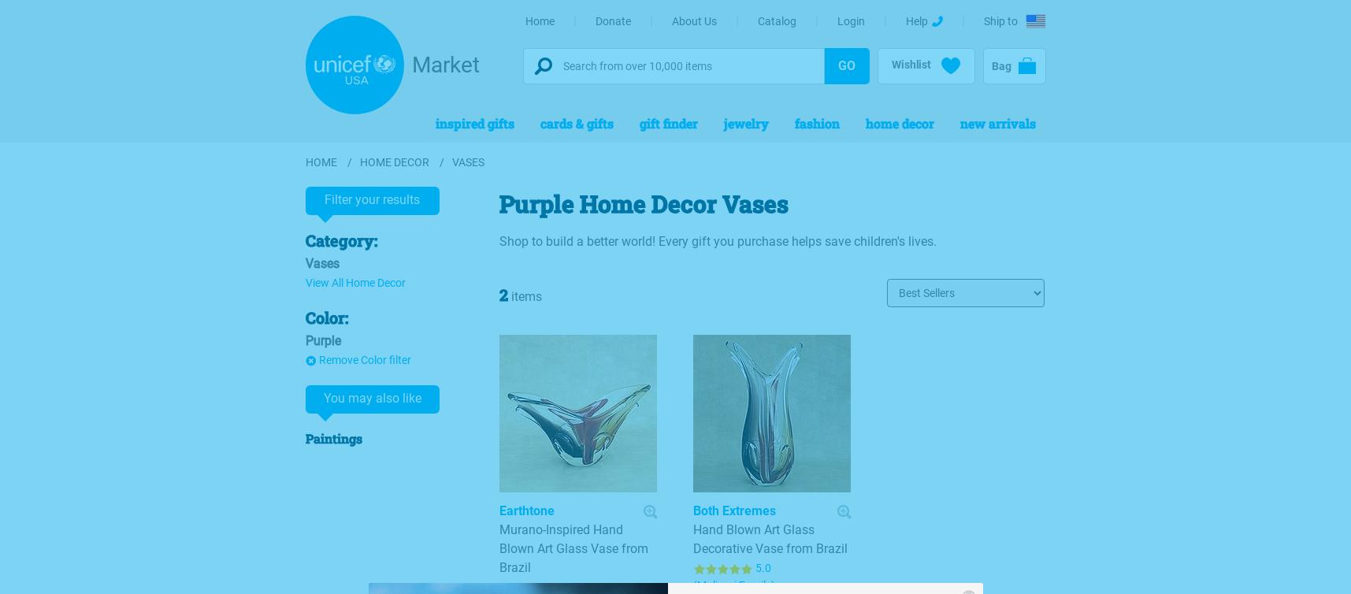  I want to click on 'items', so click(524, 295).